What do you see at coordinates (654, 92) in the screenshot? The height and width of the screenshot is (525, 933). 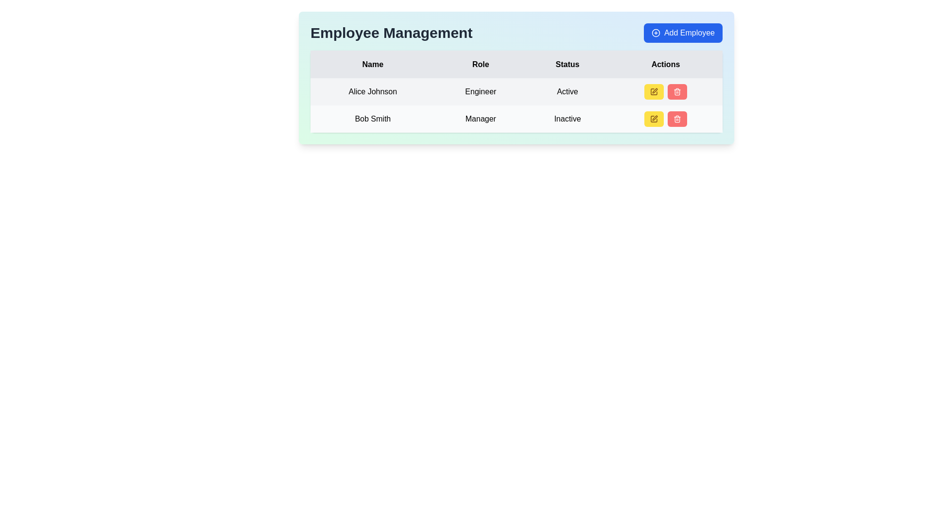 I see `the edit button located in the 'Actions' column of the table, specifically in the first row` at bounding box center [654, 92].